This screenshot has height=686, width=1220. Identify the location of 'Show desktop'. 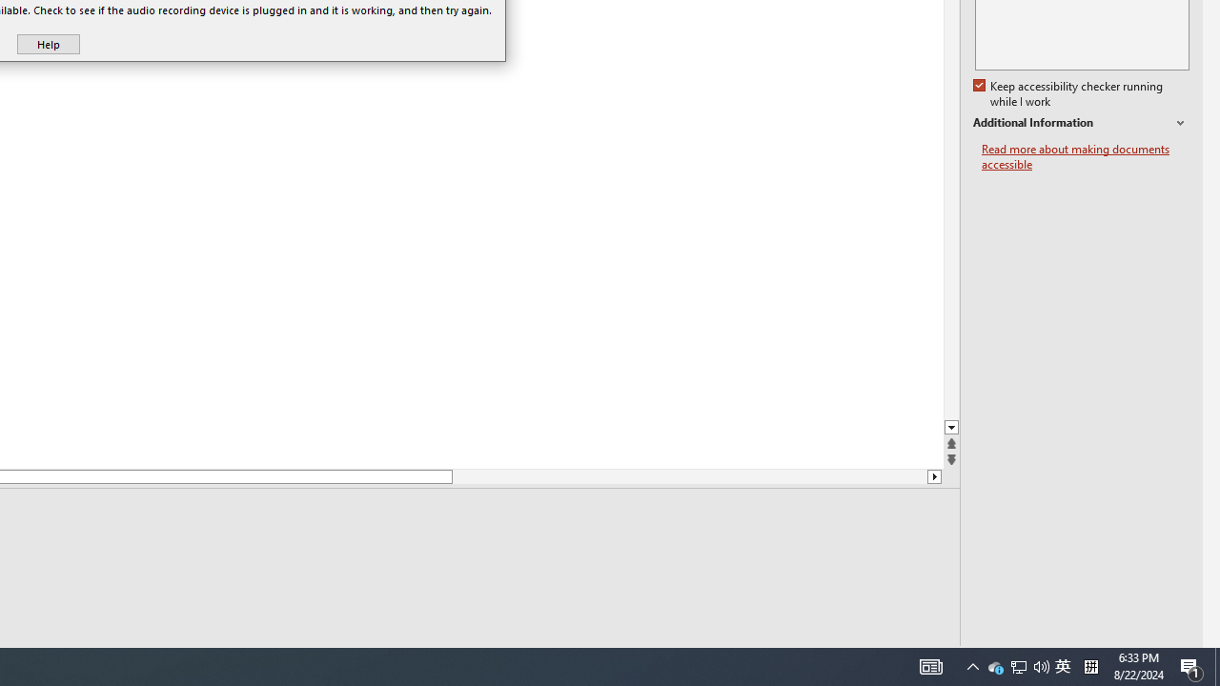
(1216, 665).